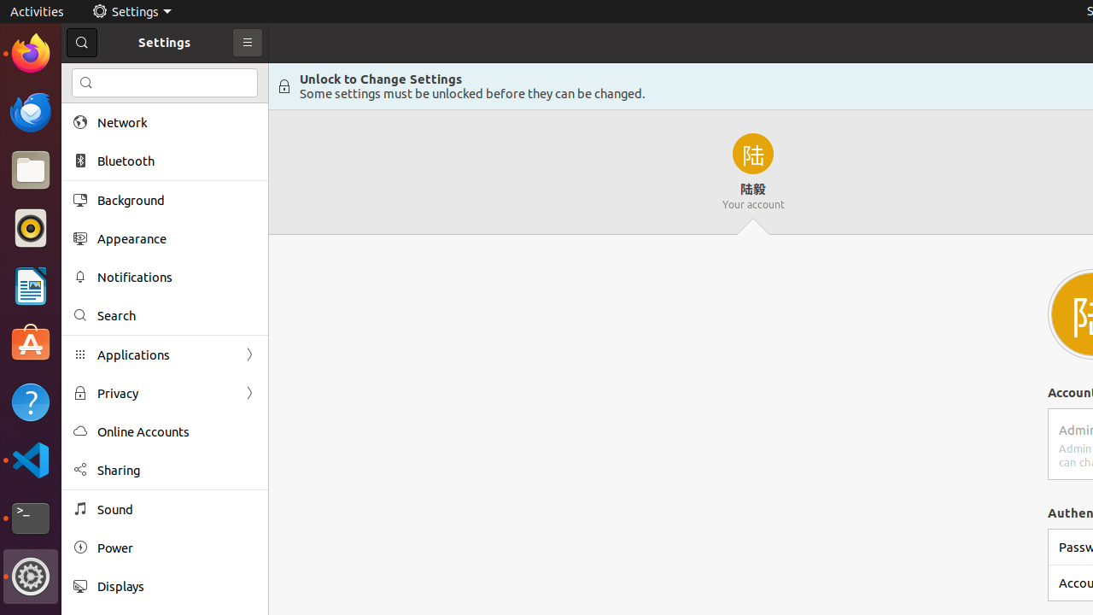 Image resolution: width=1093 pixels, height=615 pixels. Describe the element at coordinates (176, 161) in the screenshot. I see `'Bluetooth'` at that location.